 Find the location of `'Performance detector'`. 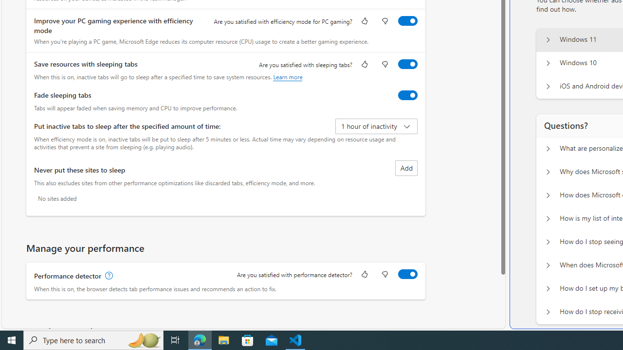

'Performance detector' is located at coordinates (407, 274).